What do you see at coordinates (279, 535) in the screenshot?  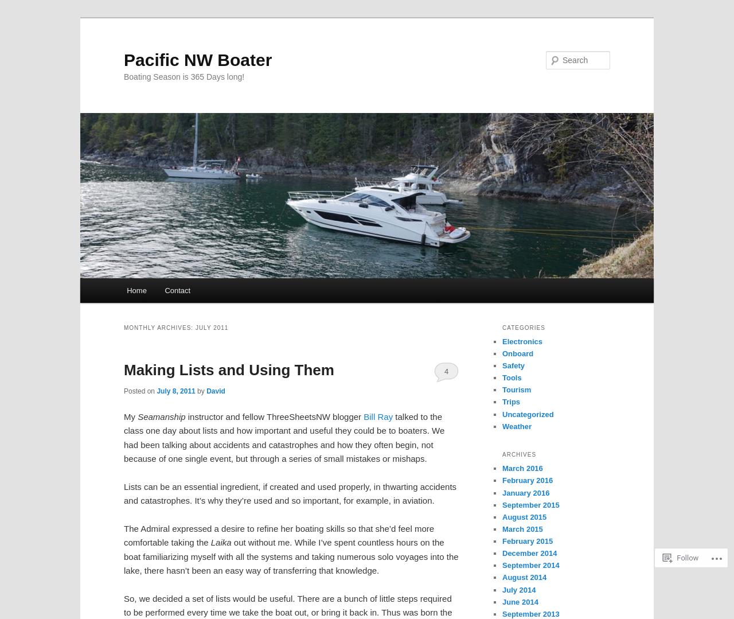 I see `'The Admiral expressed a desire to refine her boating skills so that she’d feel more comfortable taking the'` at bounding box center [279, 535].